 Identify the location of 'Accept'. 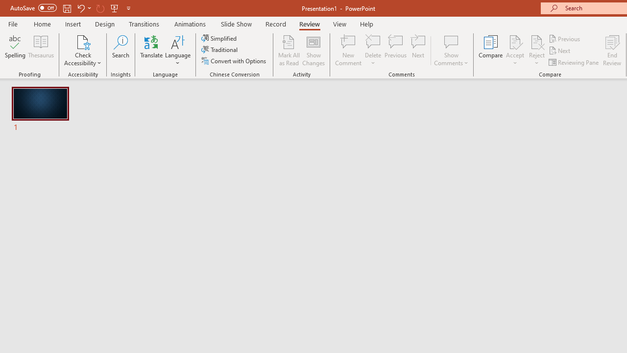
(514, 50).